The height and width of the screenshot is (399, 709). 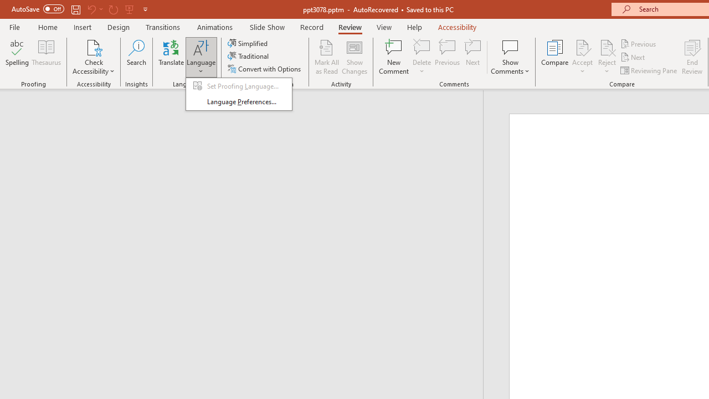 I want to click on 'Mark All as Read', so click(x=326, y=57).